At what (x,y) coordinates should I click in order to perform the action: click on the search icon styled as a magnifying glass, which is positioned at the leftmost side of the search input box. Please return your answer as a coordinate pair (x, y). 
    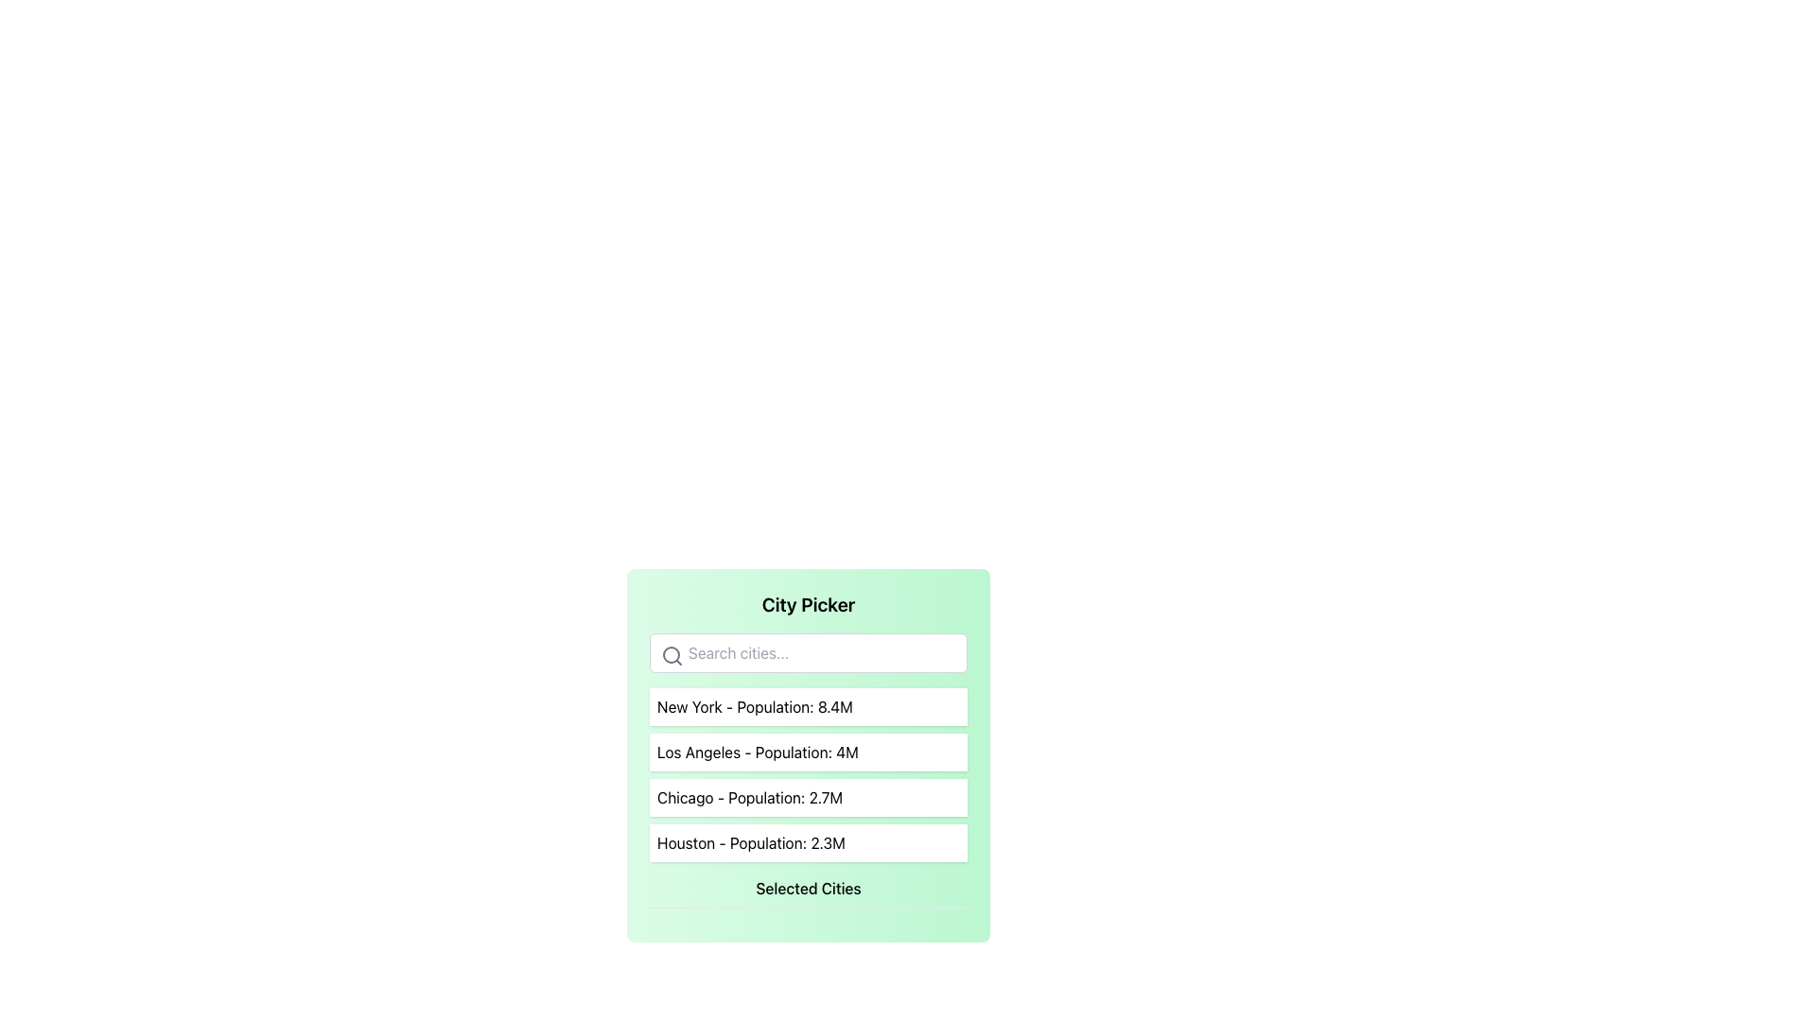
    Looking at the image, I should click on (672, 655).